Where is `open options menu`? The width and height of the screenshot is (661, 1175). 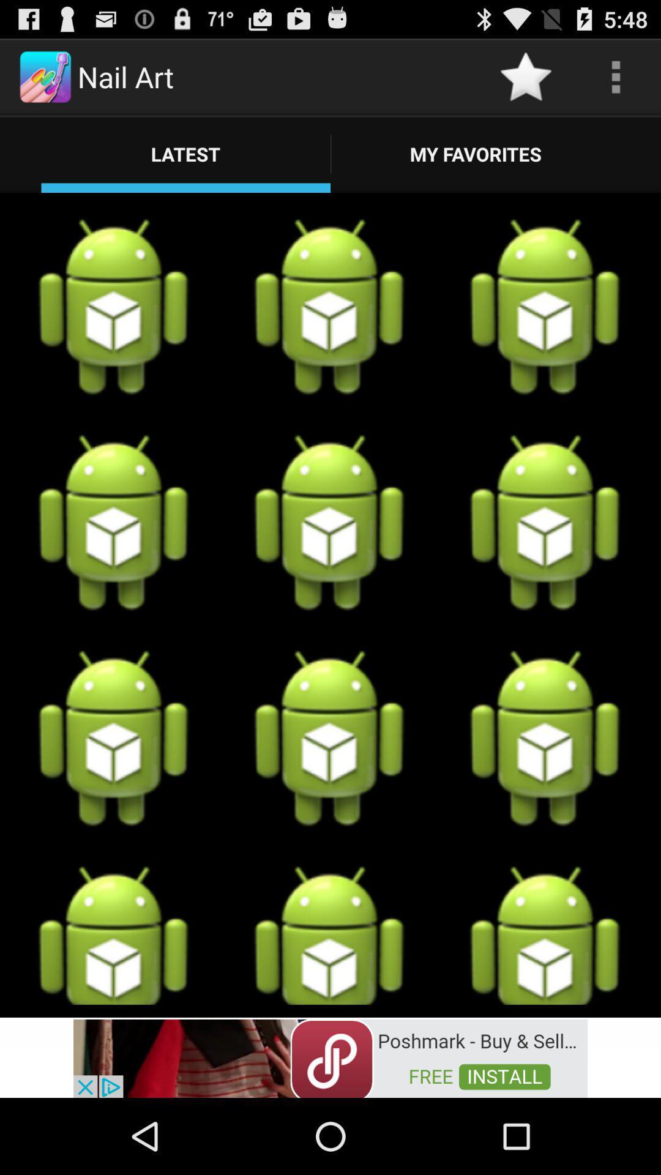 open options menu is located at coordinates (616, 76).